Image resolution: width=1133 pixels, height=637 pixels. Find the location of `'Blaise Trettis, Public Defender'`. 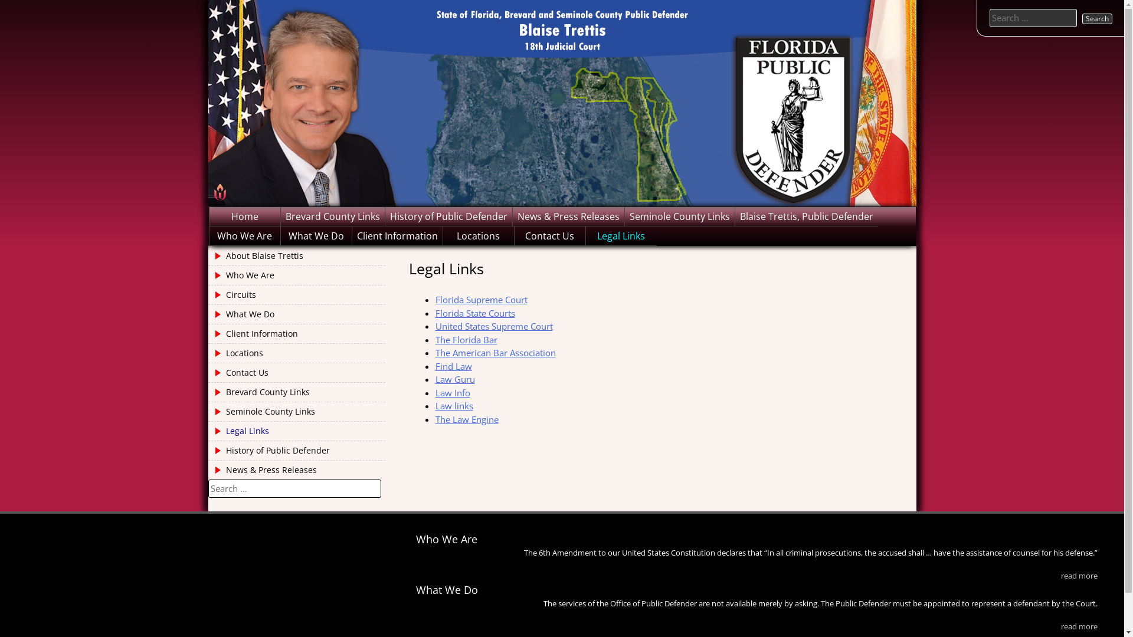

'Blaise Trettis, Public Defender' is located at coordinates (806, 216).